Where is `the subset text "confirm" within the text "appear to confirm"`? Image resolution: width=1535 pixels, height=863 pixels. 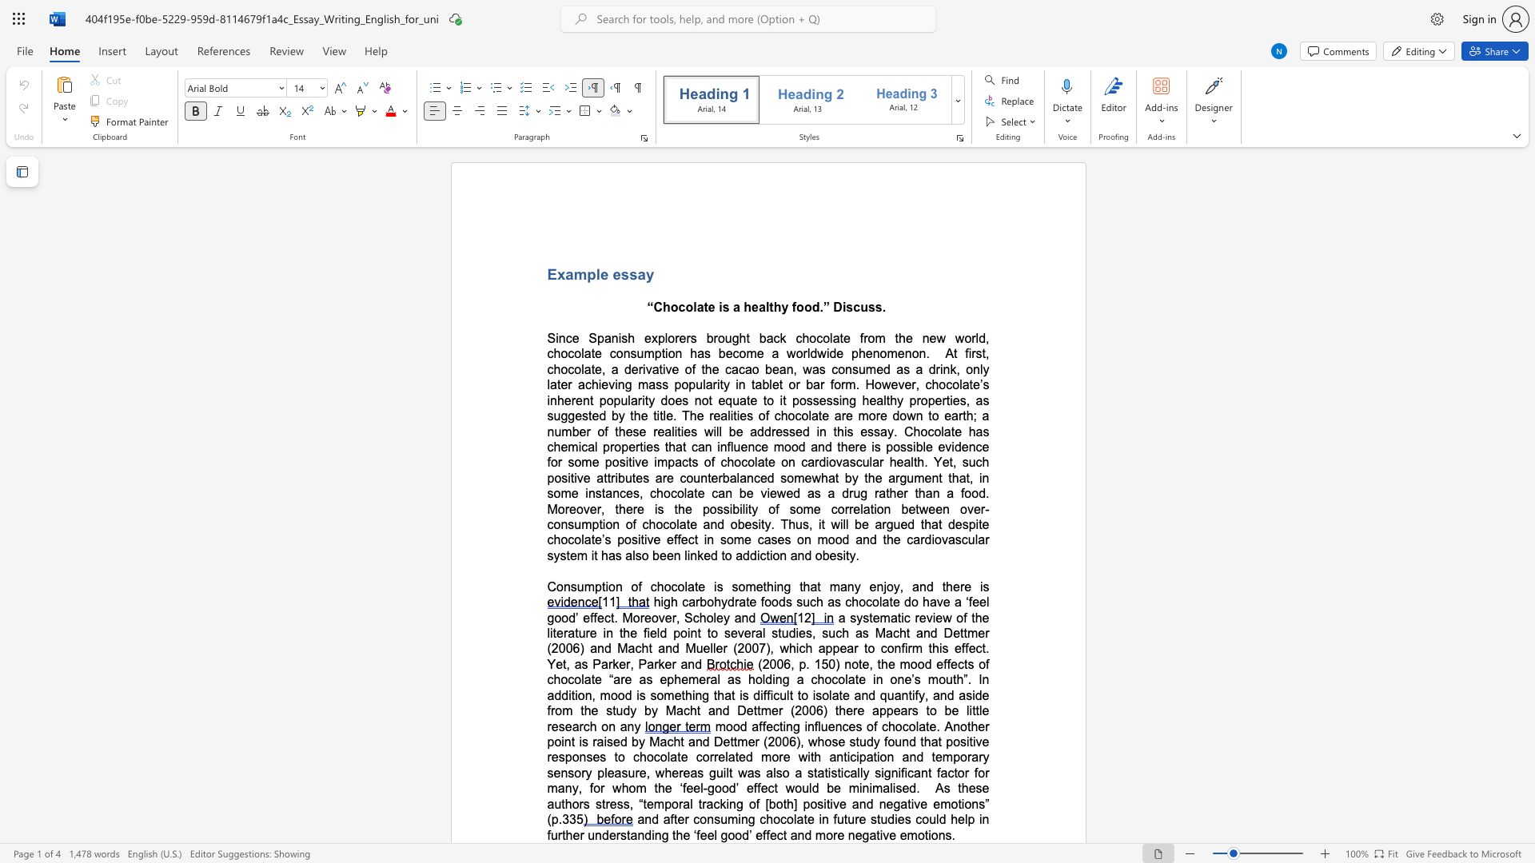 the subset text "confirm" within the text "appear to confirm" is located at coordinates (879, 648).